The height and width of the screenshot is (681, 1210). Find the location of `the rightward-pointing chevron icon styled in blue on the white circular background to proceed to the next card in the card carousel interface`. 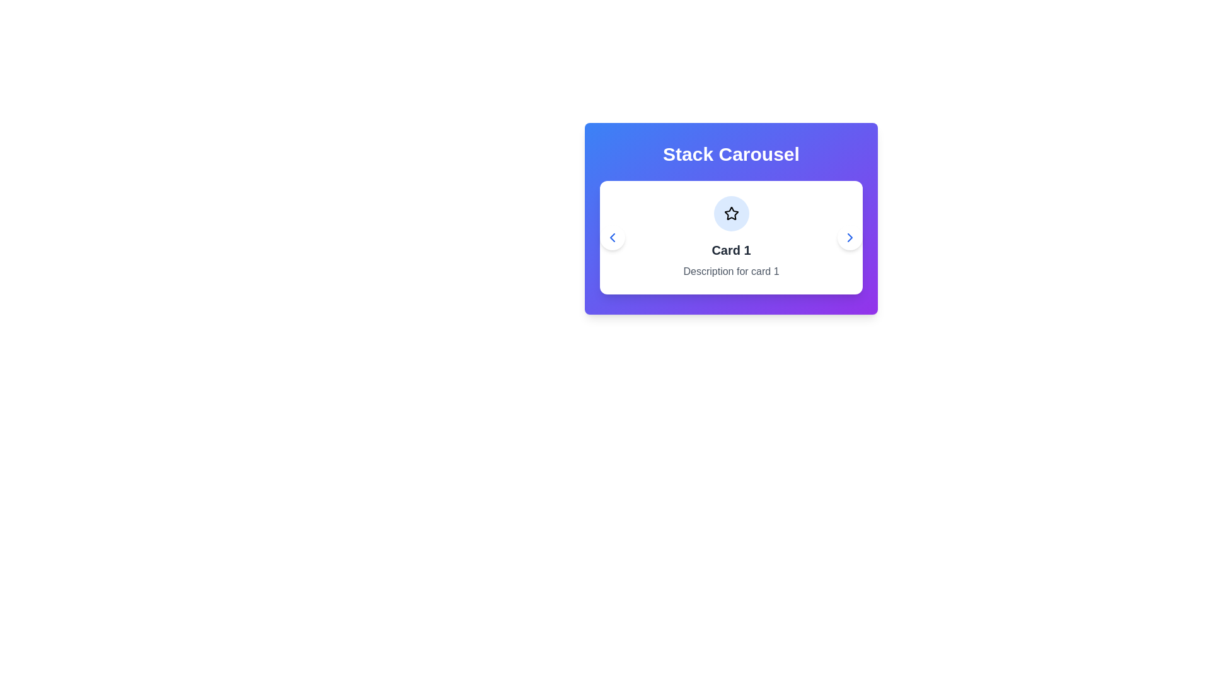

the rightward-pointing chevron icon styled in blue on the white circular background to proceed to the next card in the card carousel interface is located at coordinates (850, 238).